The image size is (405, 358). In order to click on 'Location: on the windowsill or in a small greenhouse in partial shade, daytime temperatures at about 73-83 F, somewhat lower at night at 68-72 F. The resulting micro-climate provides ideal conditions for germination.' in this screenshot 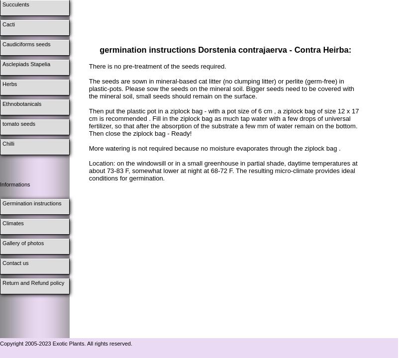, I will do `click(222, 170)`.